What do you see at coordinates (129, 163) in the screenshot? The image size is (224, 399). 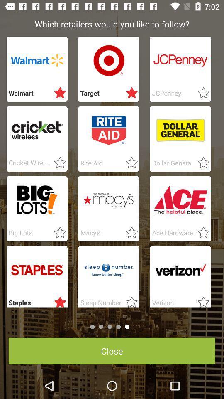 I see `star rating` at bounding box center [129, 163].